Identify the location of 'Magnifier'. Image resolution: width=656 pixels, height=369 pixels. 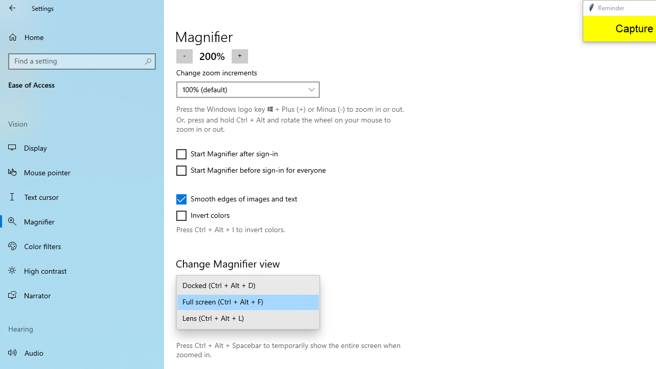
(82, 221).